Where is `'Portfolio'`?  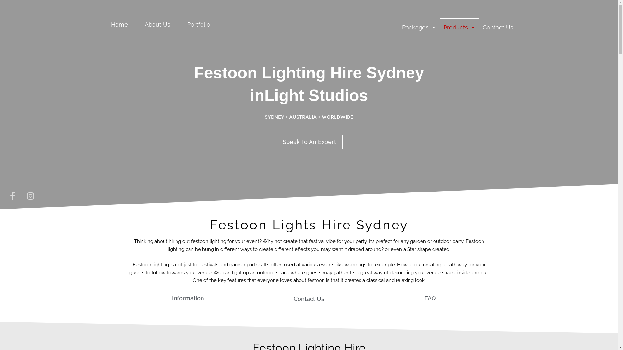
'Portfolio' is located at coordinates (179, 24).